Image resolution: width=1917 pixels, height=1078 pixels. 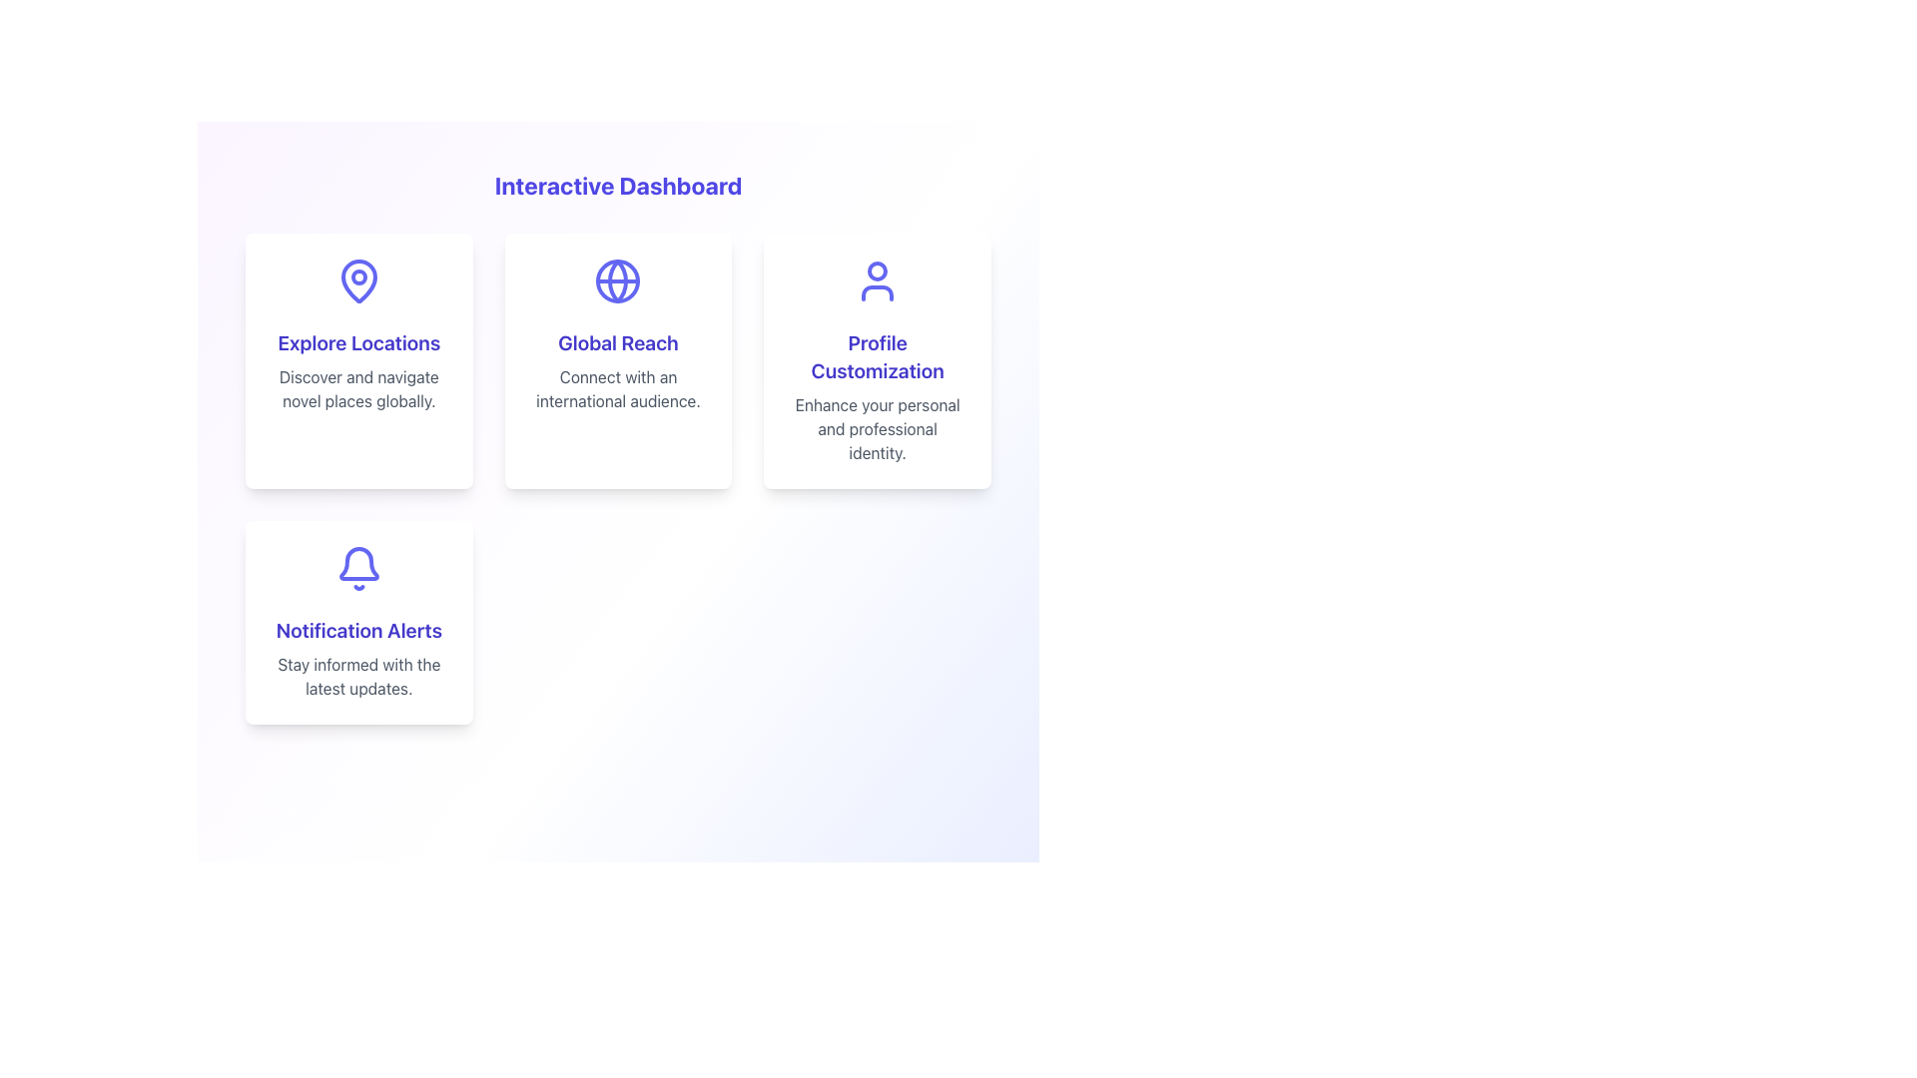 What do you see at coordinates (878, 427) in the screenshot?
I see `the descriptive text label that provides additional information about the 'Profile Customization' feature, located centrally below the heading 'Profile Customization' within the card` at bounding box center [878, 427].